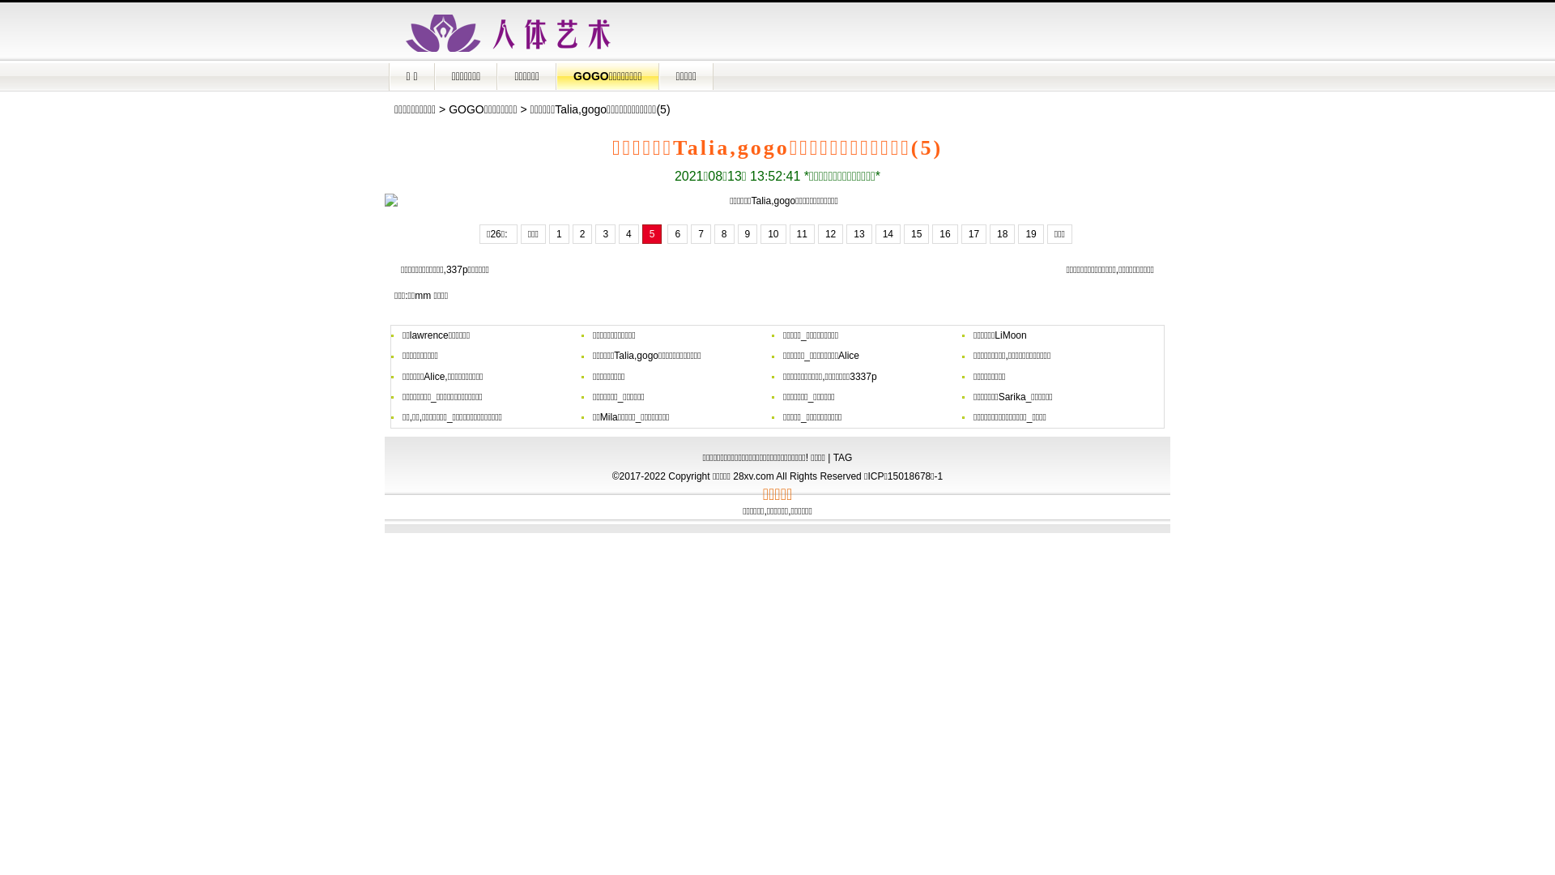  I want to click on '3', so click(604, 234).